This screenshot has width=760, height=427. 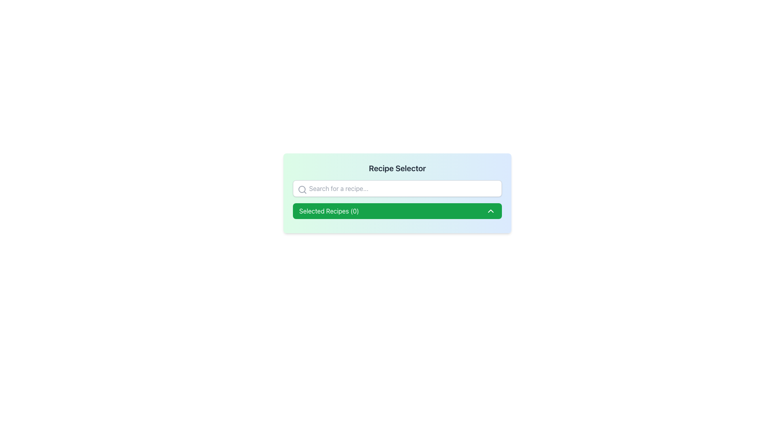 What do you see at coordinates (490, 210) in the screenshot?
I see `the upward-facing chevron icon located at the far right of the 'Selected Recipes (0)' green bar` at bounding box center [490, 210].